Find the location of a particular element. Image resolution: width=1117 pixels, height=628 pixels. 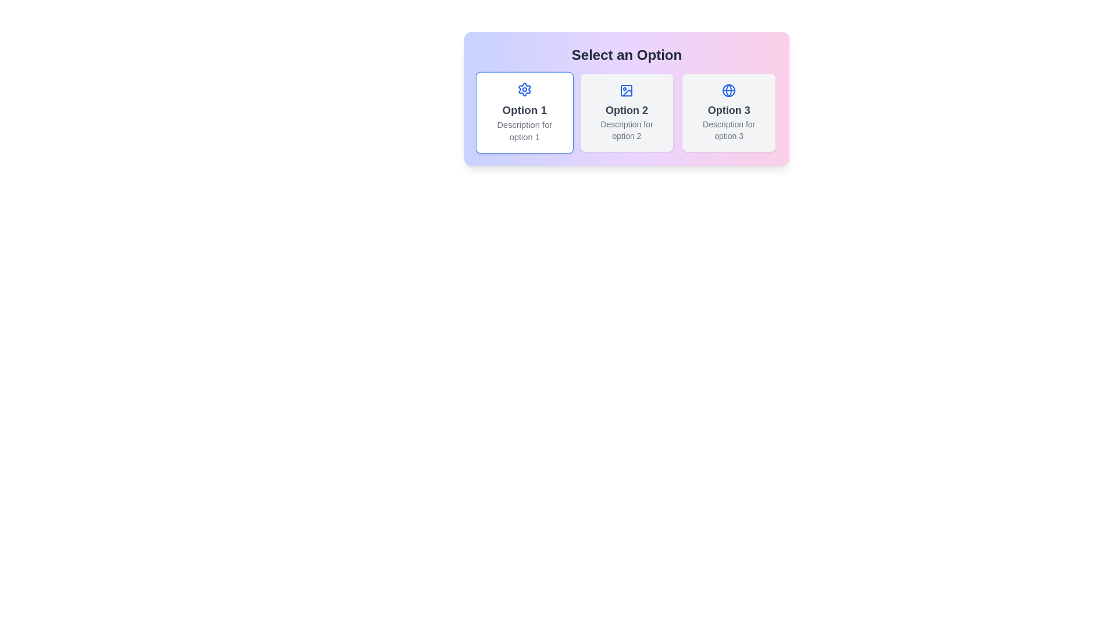

the gear-shaped icon with a blue stroke located above the label 'Option 1.' in the first option card of the selection interface to interact with the option card is located at coordinates (524, 89).